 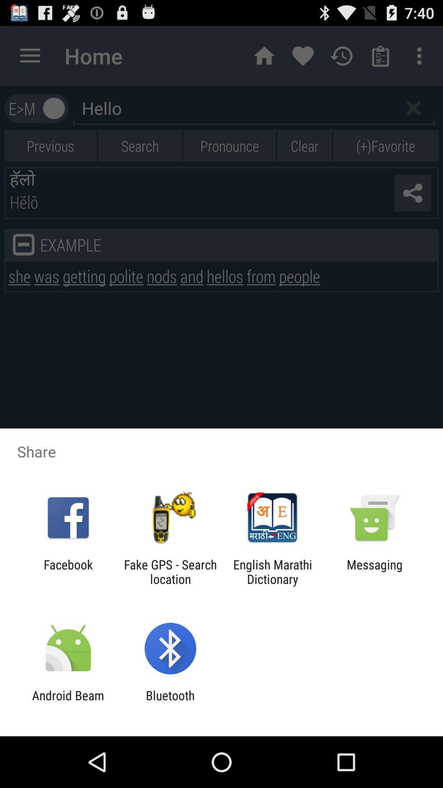 I want to click on the bluetooth icon, so click(x=170, y=702).